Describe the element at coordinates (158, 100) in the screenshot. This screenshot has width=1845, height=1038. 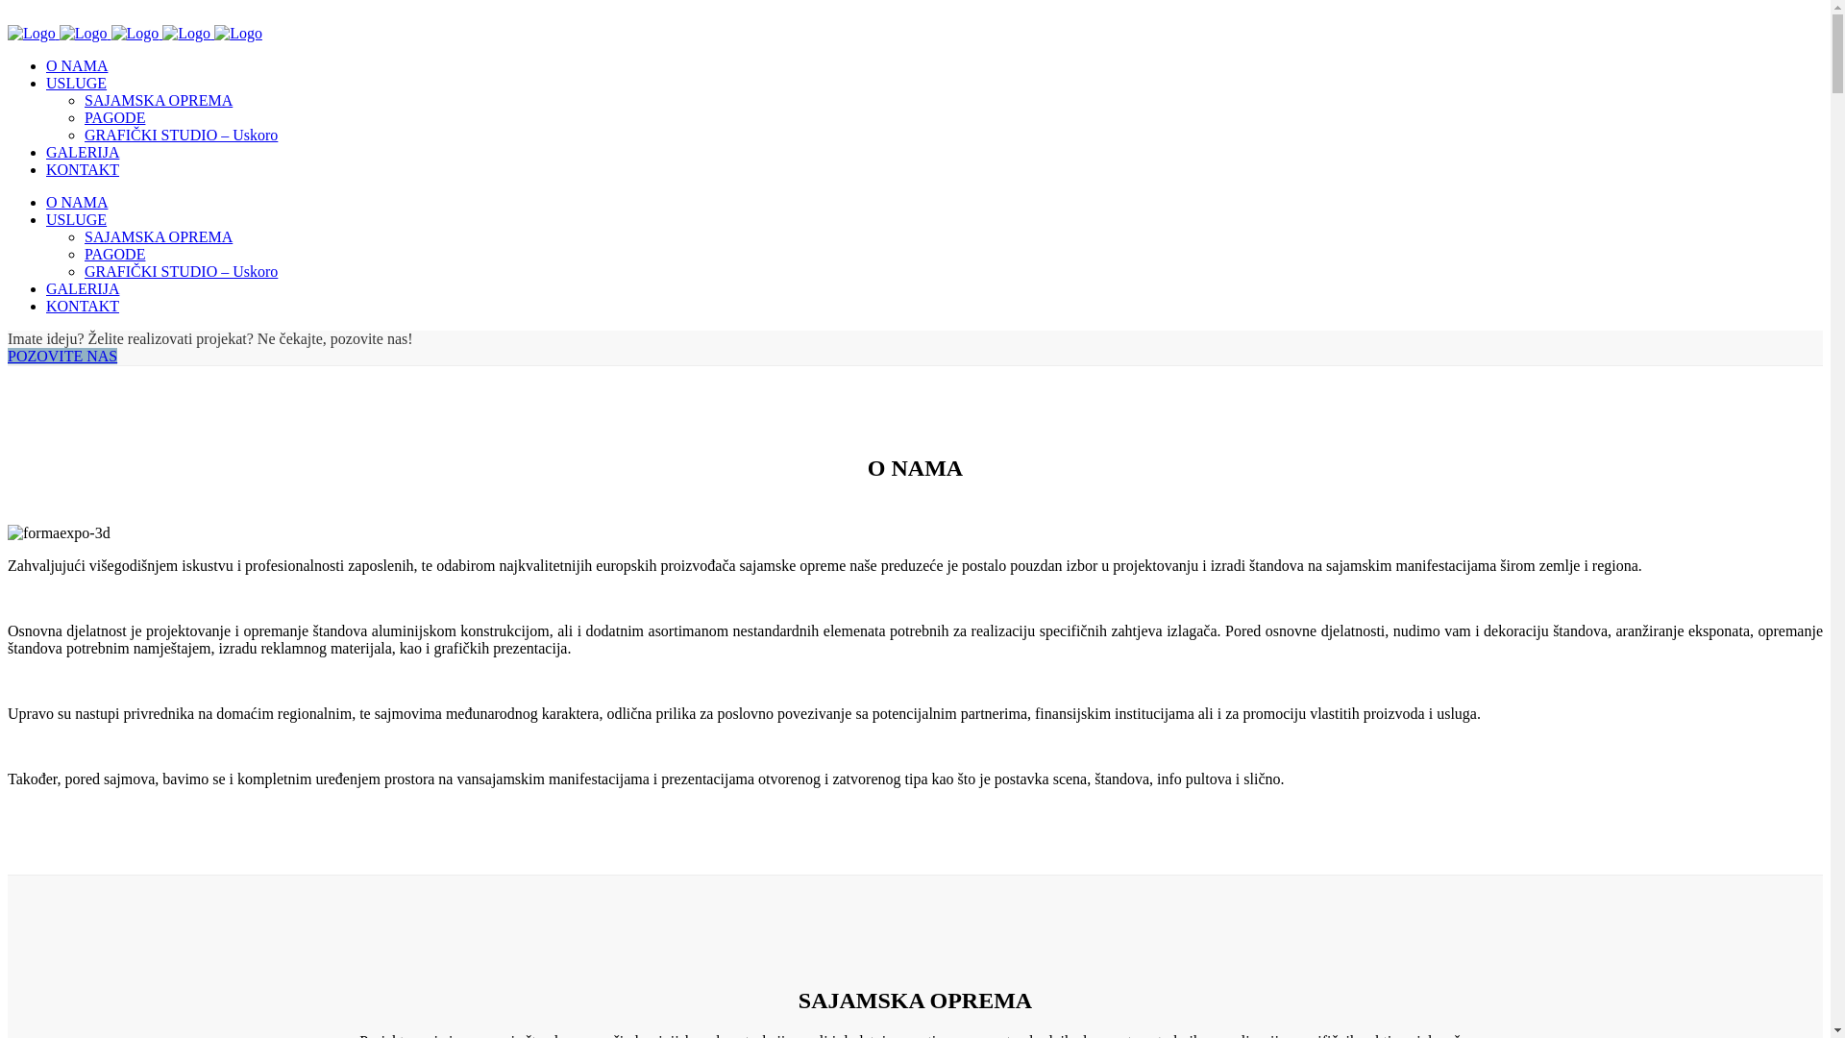
I see `'SAJAMSKA OPREMA'` at that location.